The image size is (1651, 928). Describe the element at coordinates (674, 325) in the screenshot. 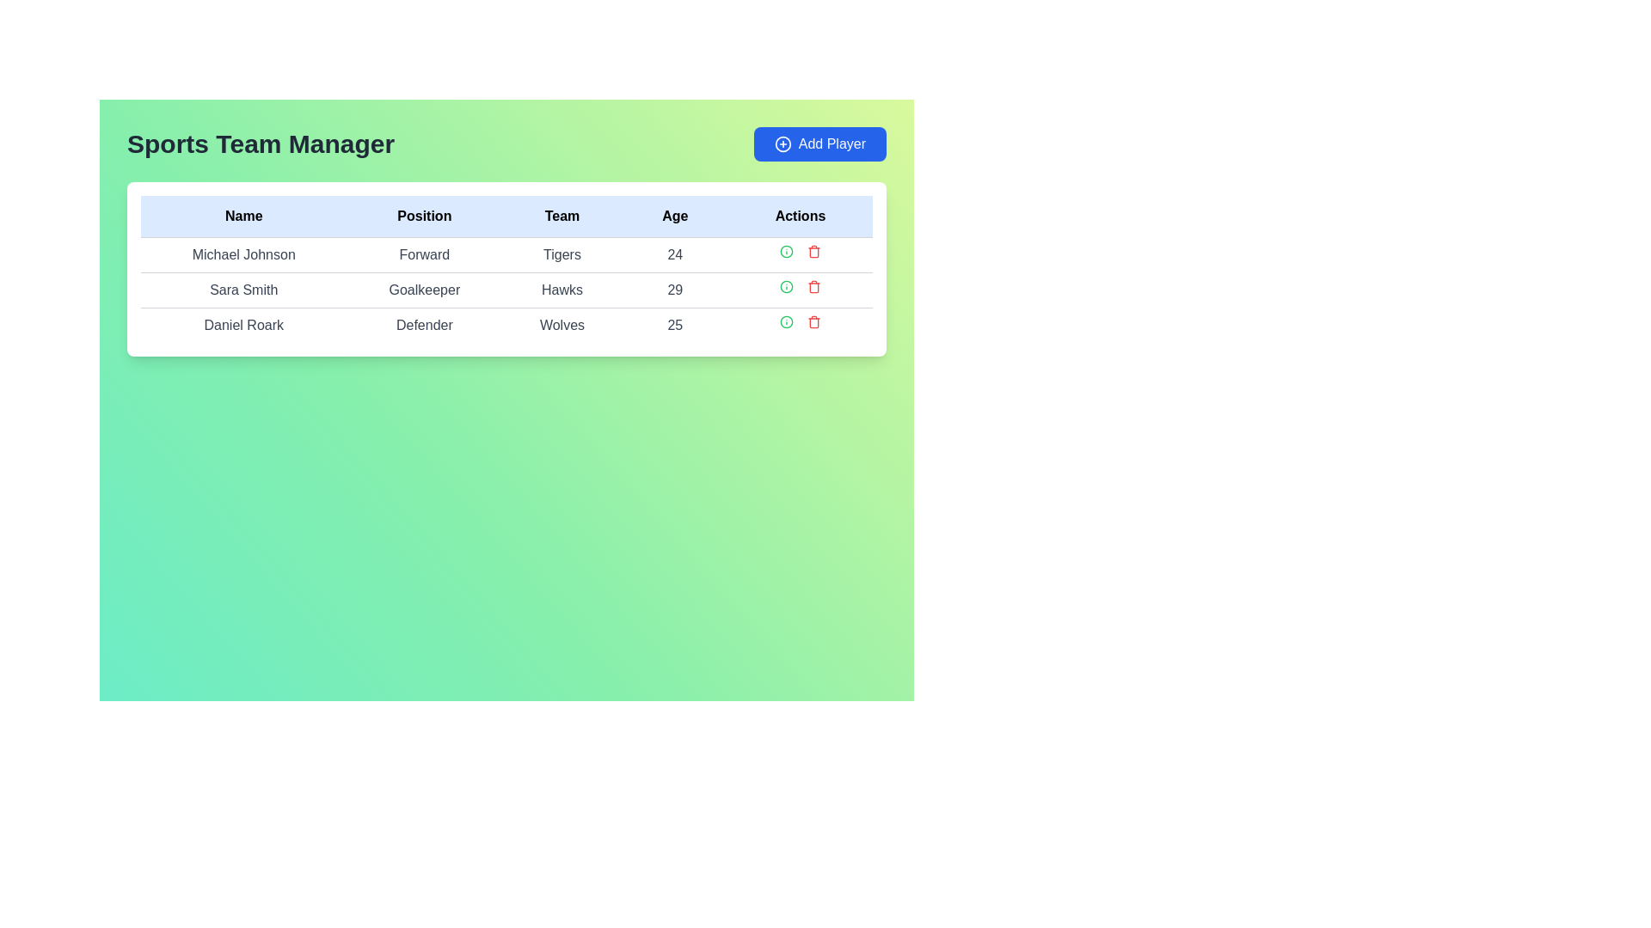

I see `the age display text for the player Daniel Roark in the last row of the table, located in the 'Age' column` at that location.